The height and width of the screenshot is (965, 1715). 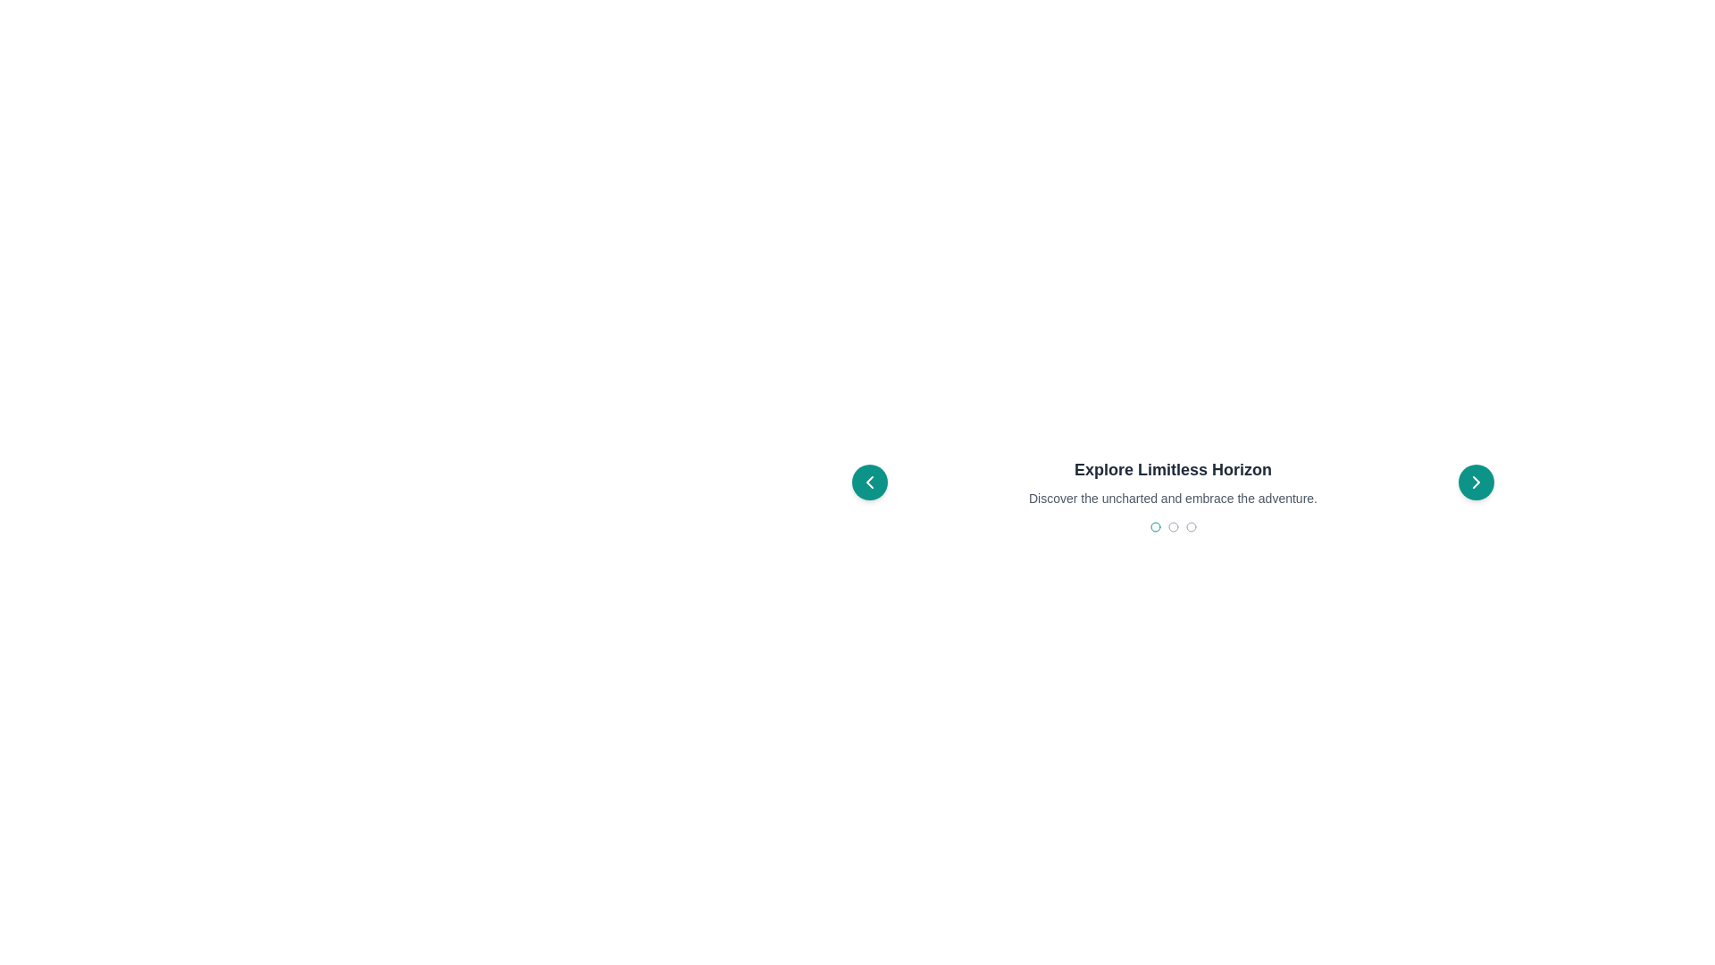 What do you see at coordinates (1477, 482) in the screenshot?
I see `the Chevron Right icon, which is a navigation control for progressing to the next item in a carousel or slideshow, located on the far-right side of the interface within a circular teal button` at bounding box center [1477, 482].